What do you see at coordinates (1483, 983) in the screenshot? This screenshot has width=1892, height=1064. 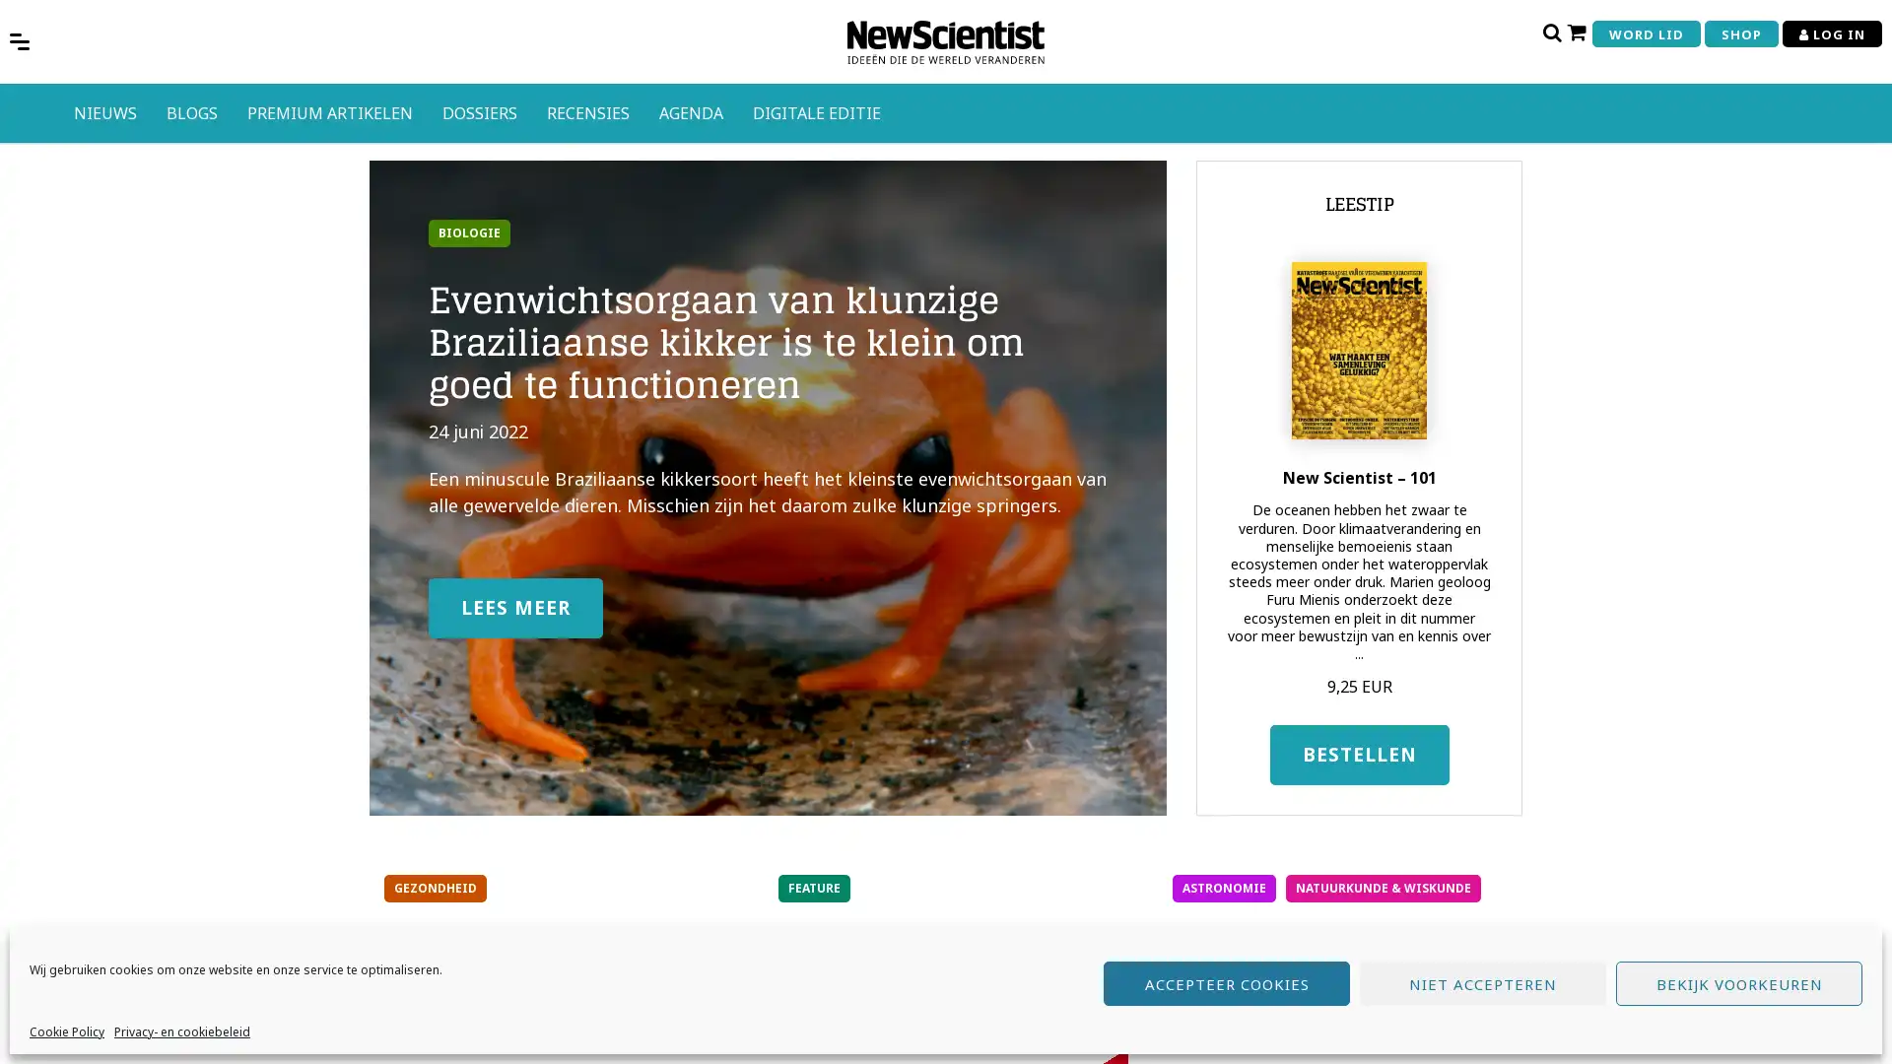 I see `NIET ACCEPTEREN` at bounding box center [1483, 983].